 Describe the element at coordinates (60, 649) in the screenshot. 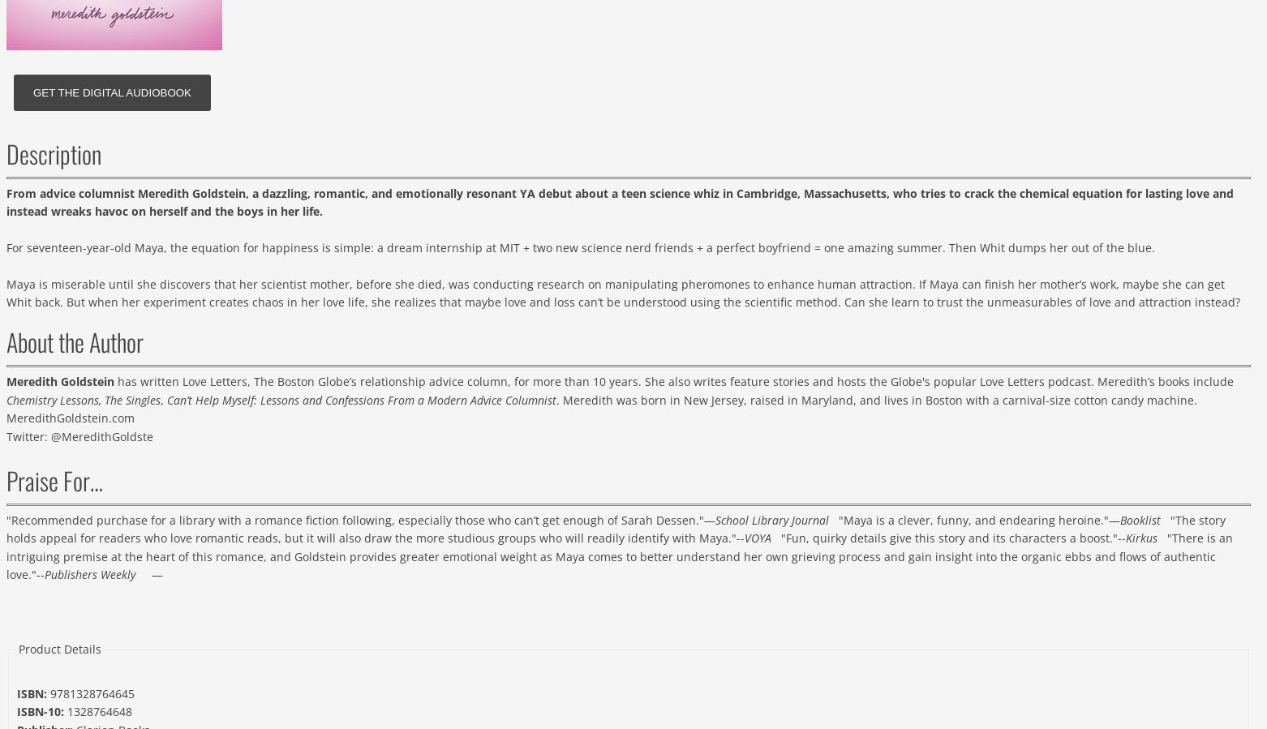

I see `'Product Details'` at that location.